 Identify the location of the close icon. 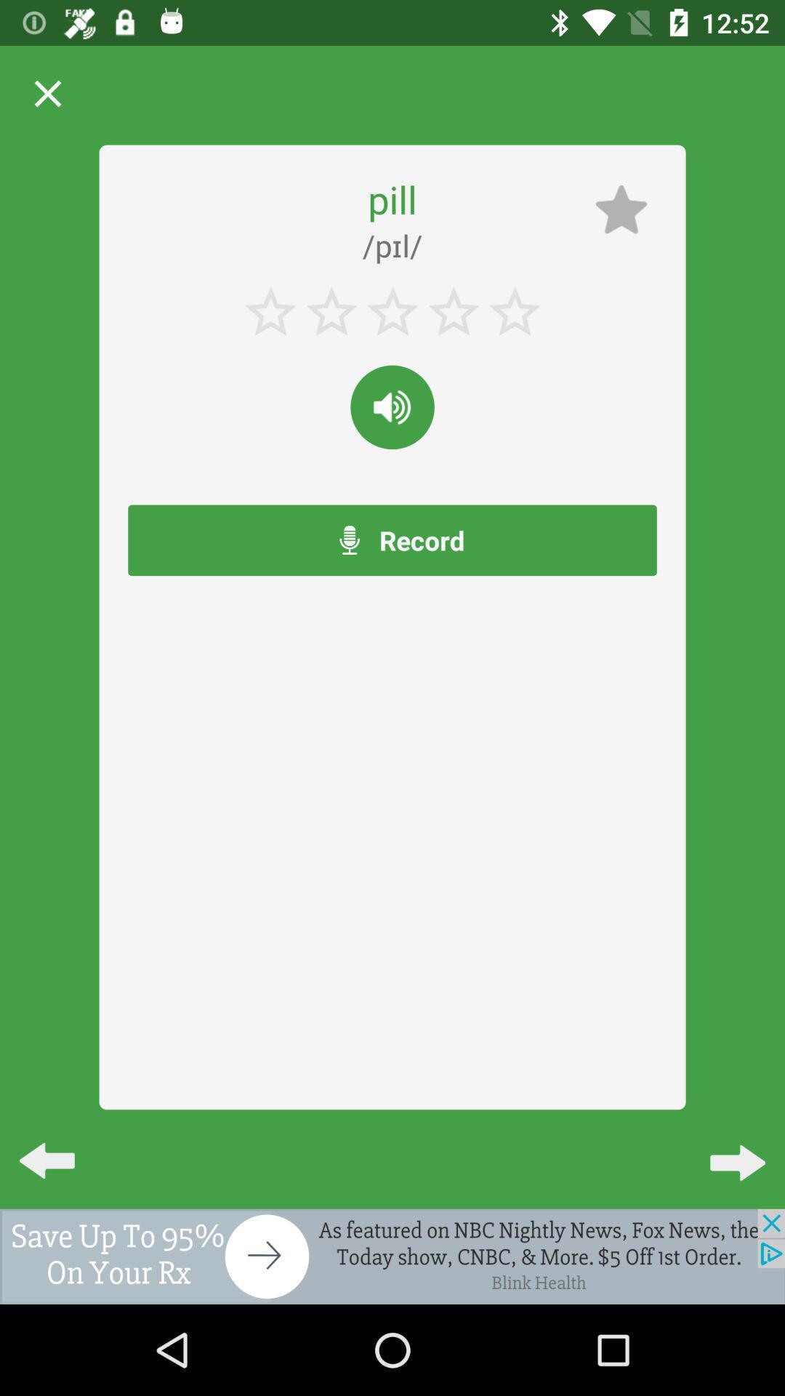
(47, 93).